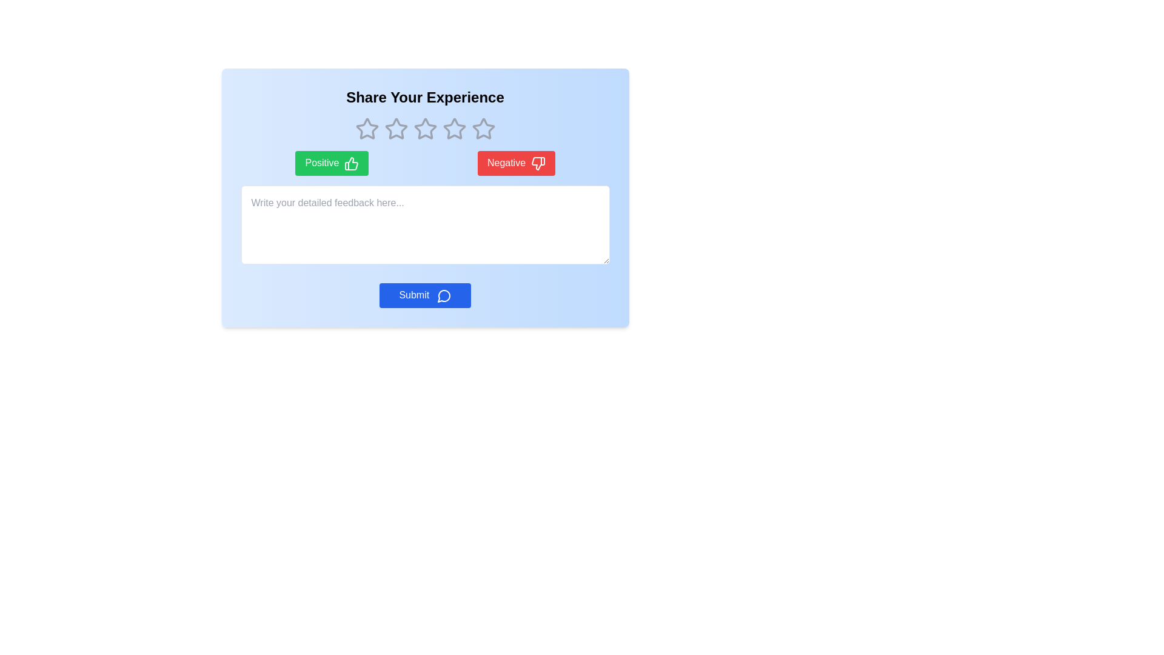  Describe the element at coordinates (351, 163) in the screenshot. I see `the thumbs-up icon within the green 'Positive' button` at that location.